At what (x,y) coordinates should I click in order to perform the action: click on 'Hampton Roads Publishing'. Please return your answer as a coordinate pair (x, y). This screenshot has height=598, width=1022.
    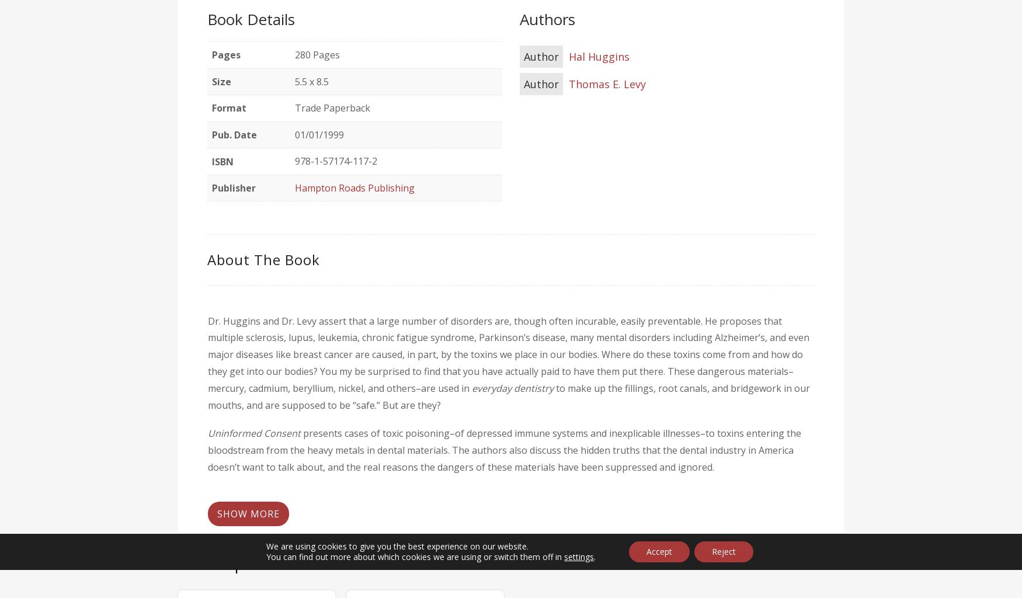
    Looking at the image, I should click on (354, 187).